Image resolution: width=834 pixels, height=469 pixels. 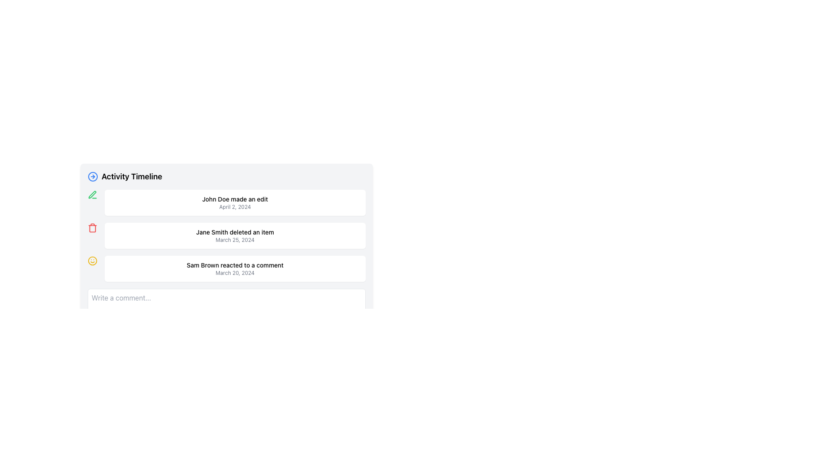 I want to click on the static text component displaying the message 'Jane Smith deleted an item' in the timeline interface, so click(x=235, y=232).